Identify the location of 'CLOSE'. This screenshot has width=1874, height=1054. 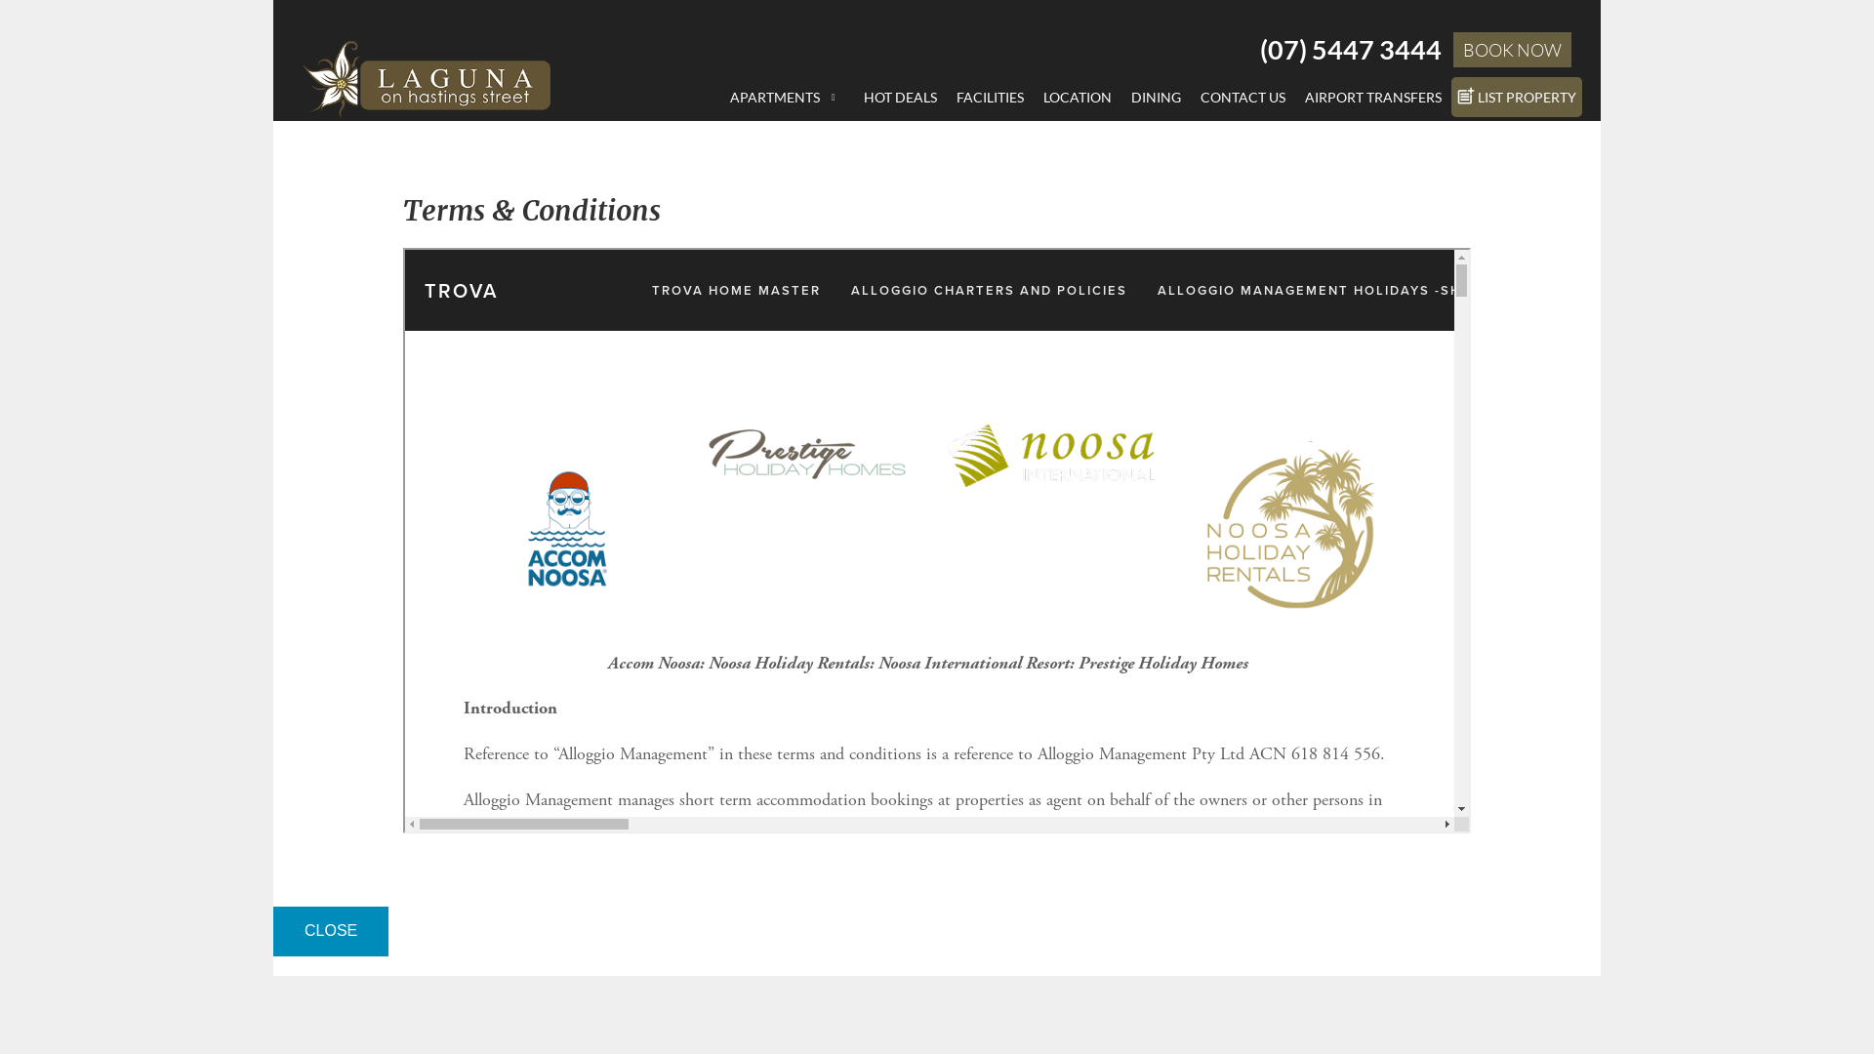
(271, 930).